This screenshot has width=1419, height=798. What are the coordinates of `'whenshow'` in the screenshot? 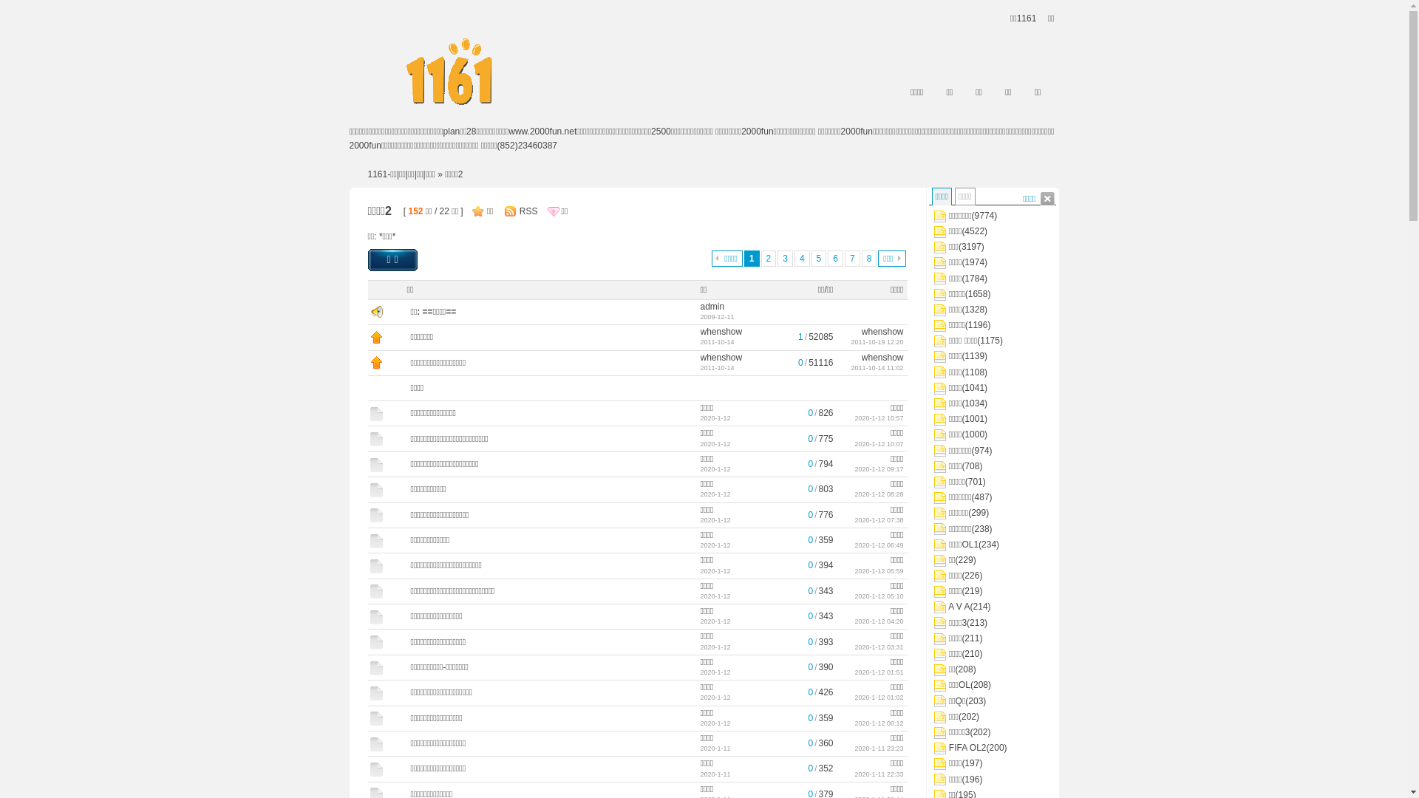 It's located at (882, 356).